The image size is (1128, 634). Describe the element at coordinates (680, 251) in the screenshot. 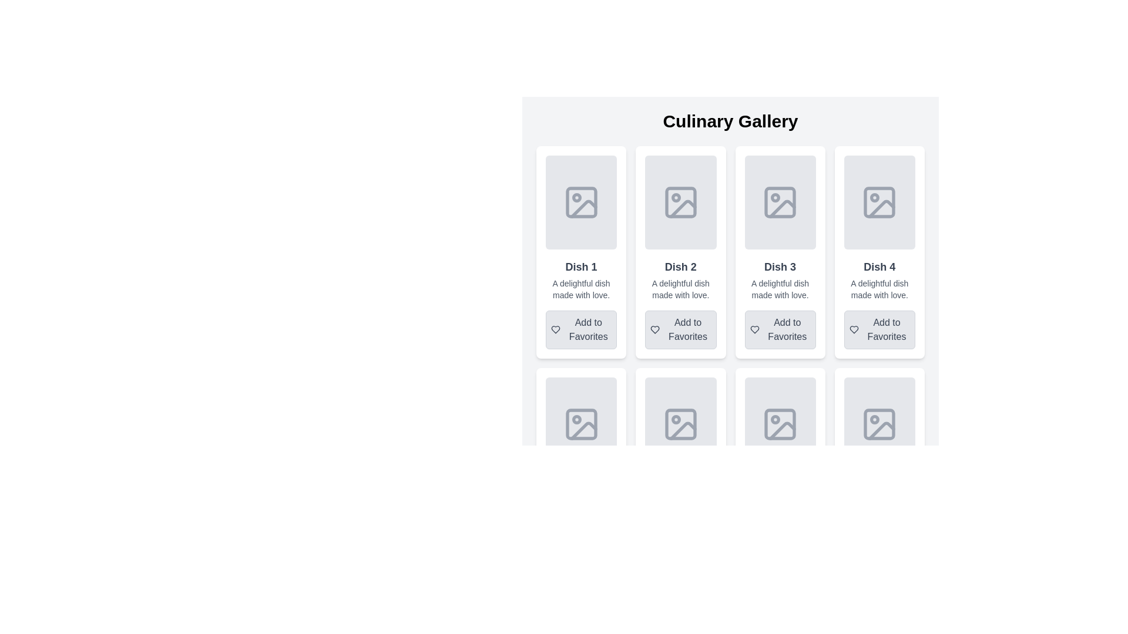

I see `the 'Add to Favorites' button on the Card component displaying information about a dish, located in the top row, second column of the grid` at that location.